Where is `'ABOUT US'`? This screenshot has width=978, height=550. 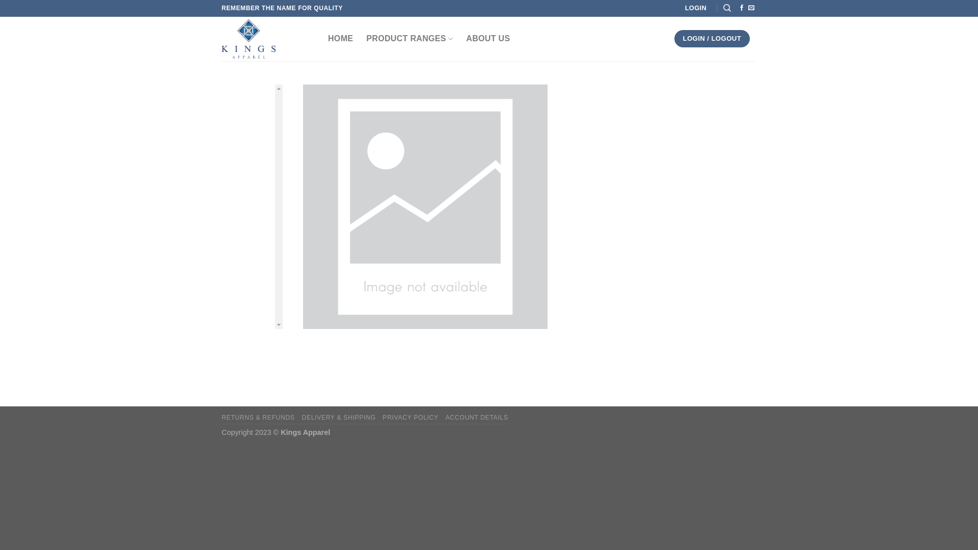
'ABOUT US' is located at coordinates (487, 38).